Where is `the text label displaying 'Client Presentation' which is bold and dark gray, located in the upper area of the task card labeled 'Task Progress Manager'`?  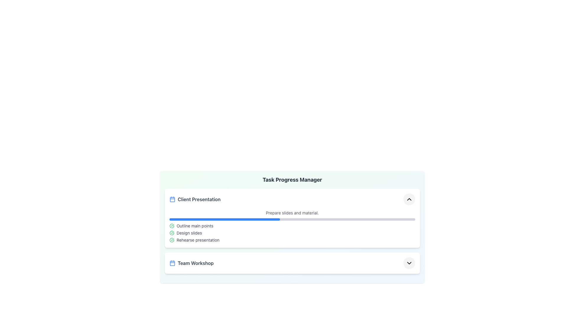 the text label displaying 'Client Presentation' which is bold and dark gray, located in the upper area of the task card labeled 'Task Progress Manager' is located at coordinates (199, 199).